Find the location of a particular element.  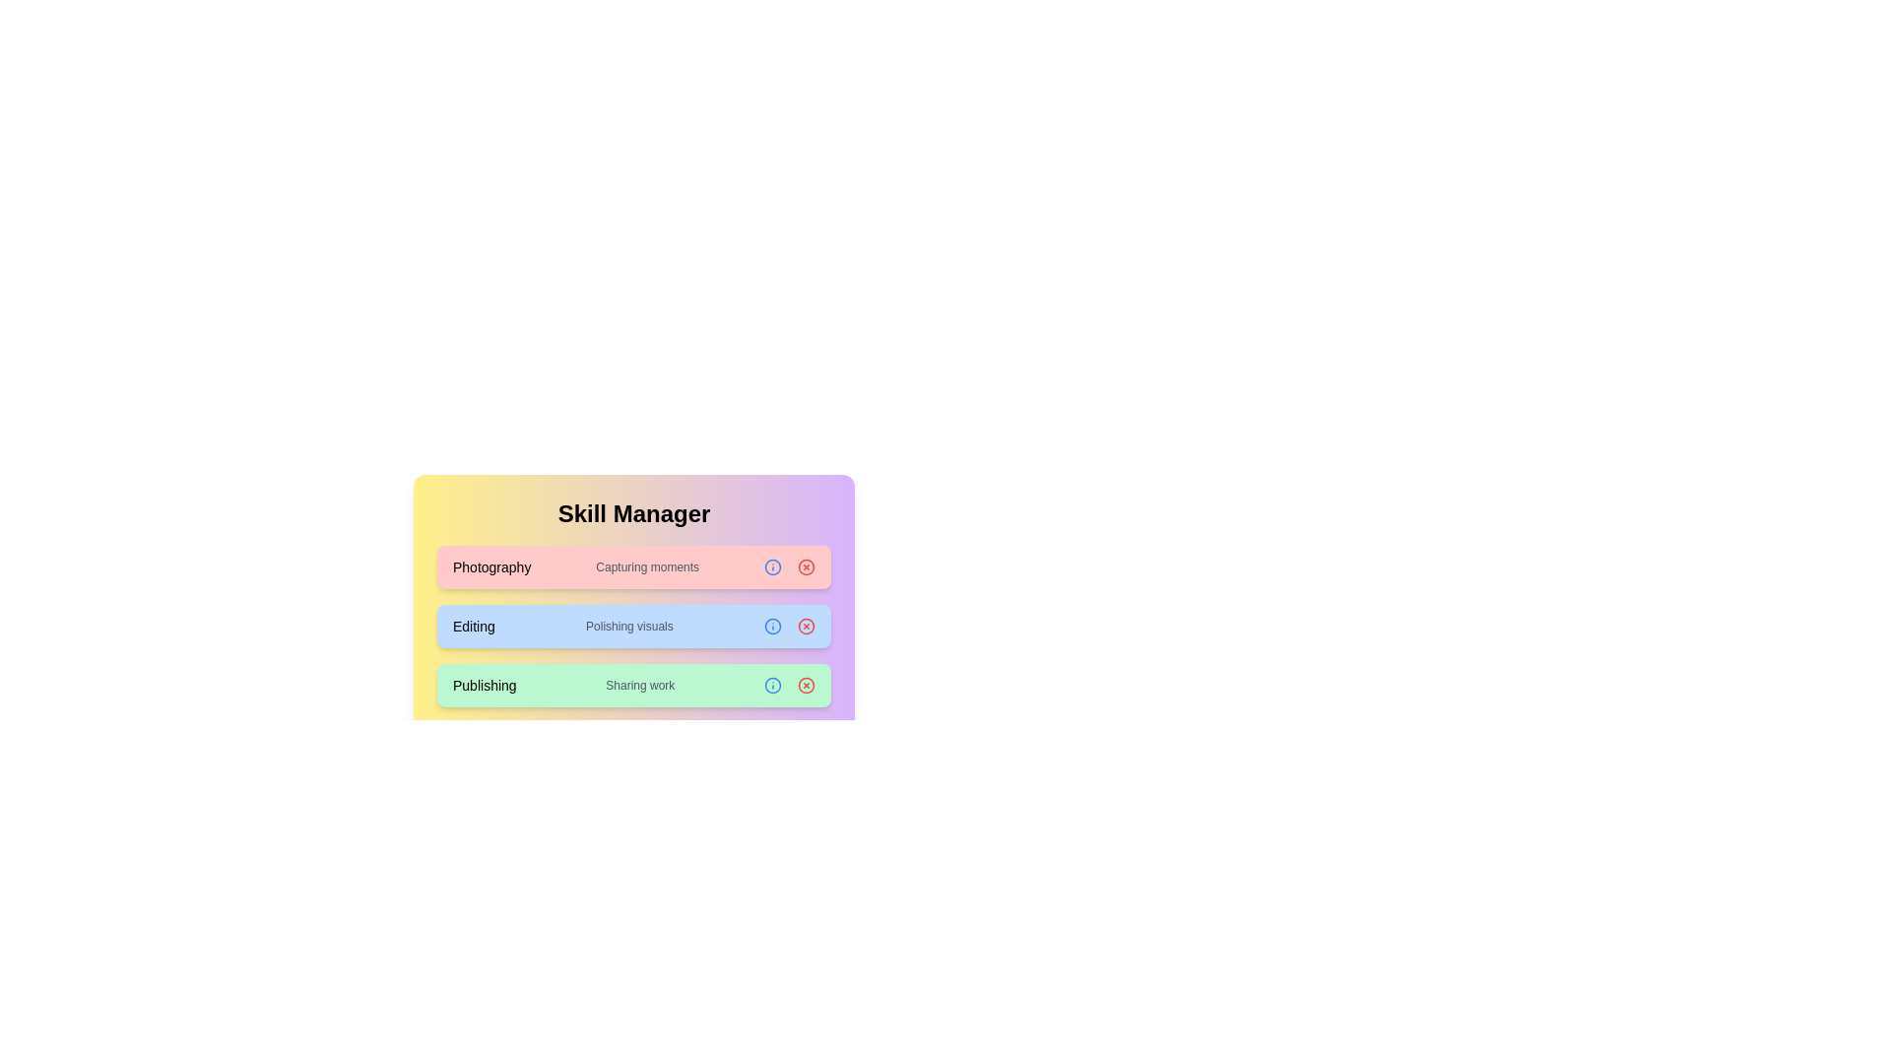

the text content of the chip labeled Publishing is located at coordinates (485, 684).